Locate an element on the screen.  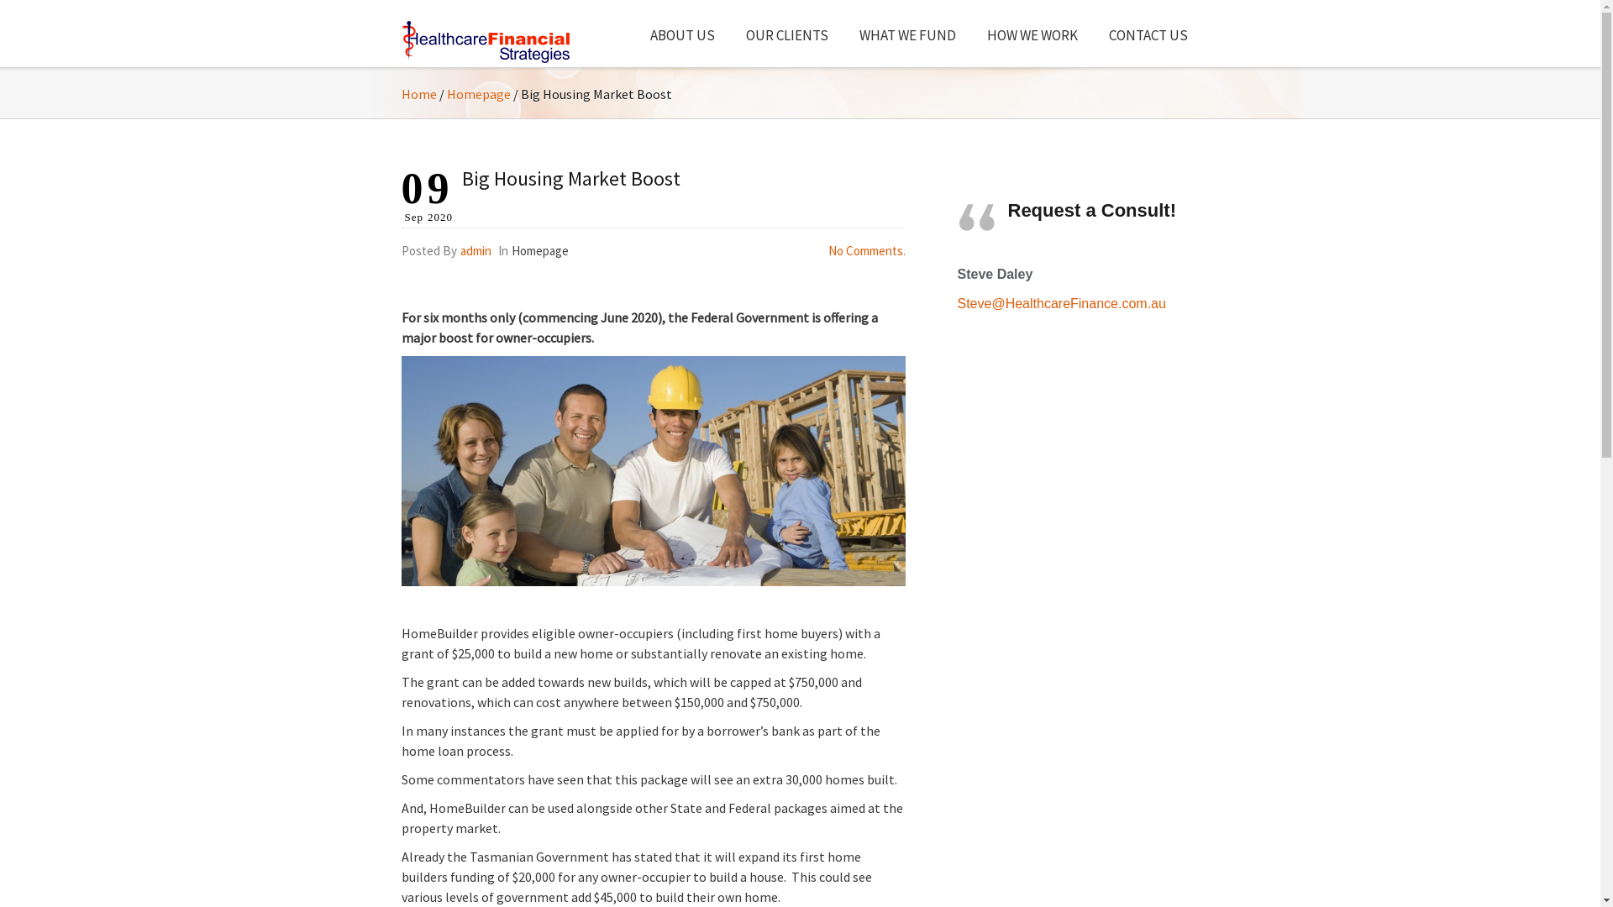
'CONTACT US' is located at coordinates (1147, 32).